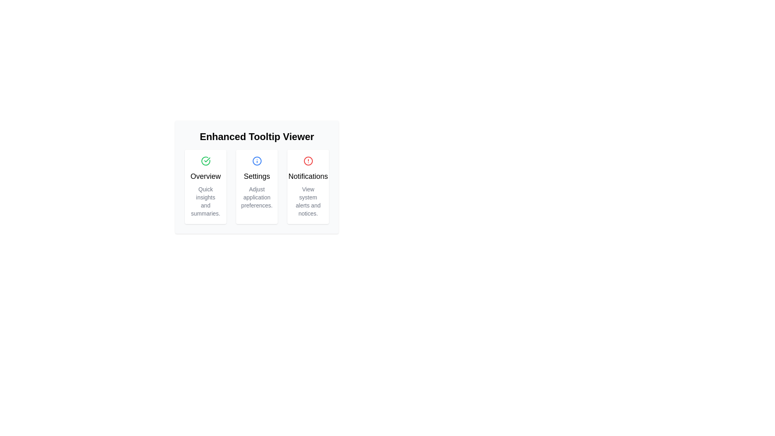 Image resolution: width=775 pixels, height=436 pixels. Describe the element at coordinates (256, 197) in the screenshot. I see `descriptive text content located in the Text block below the 'Settings' title in the 'Settings' card` at that location.